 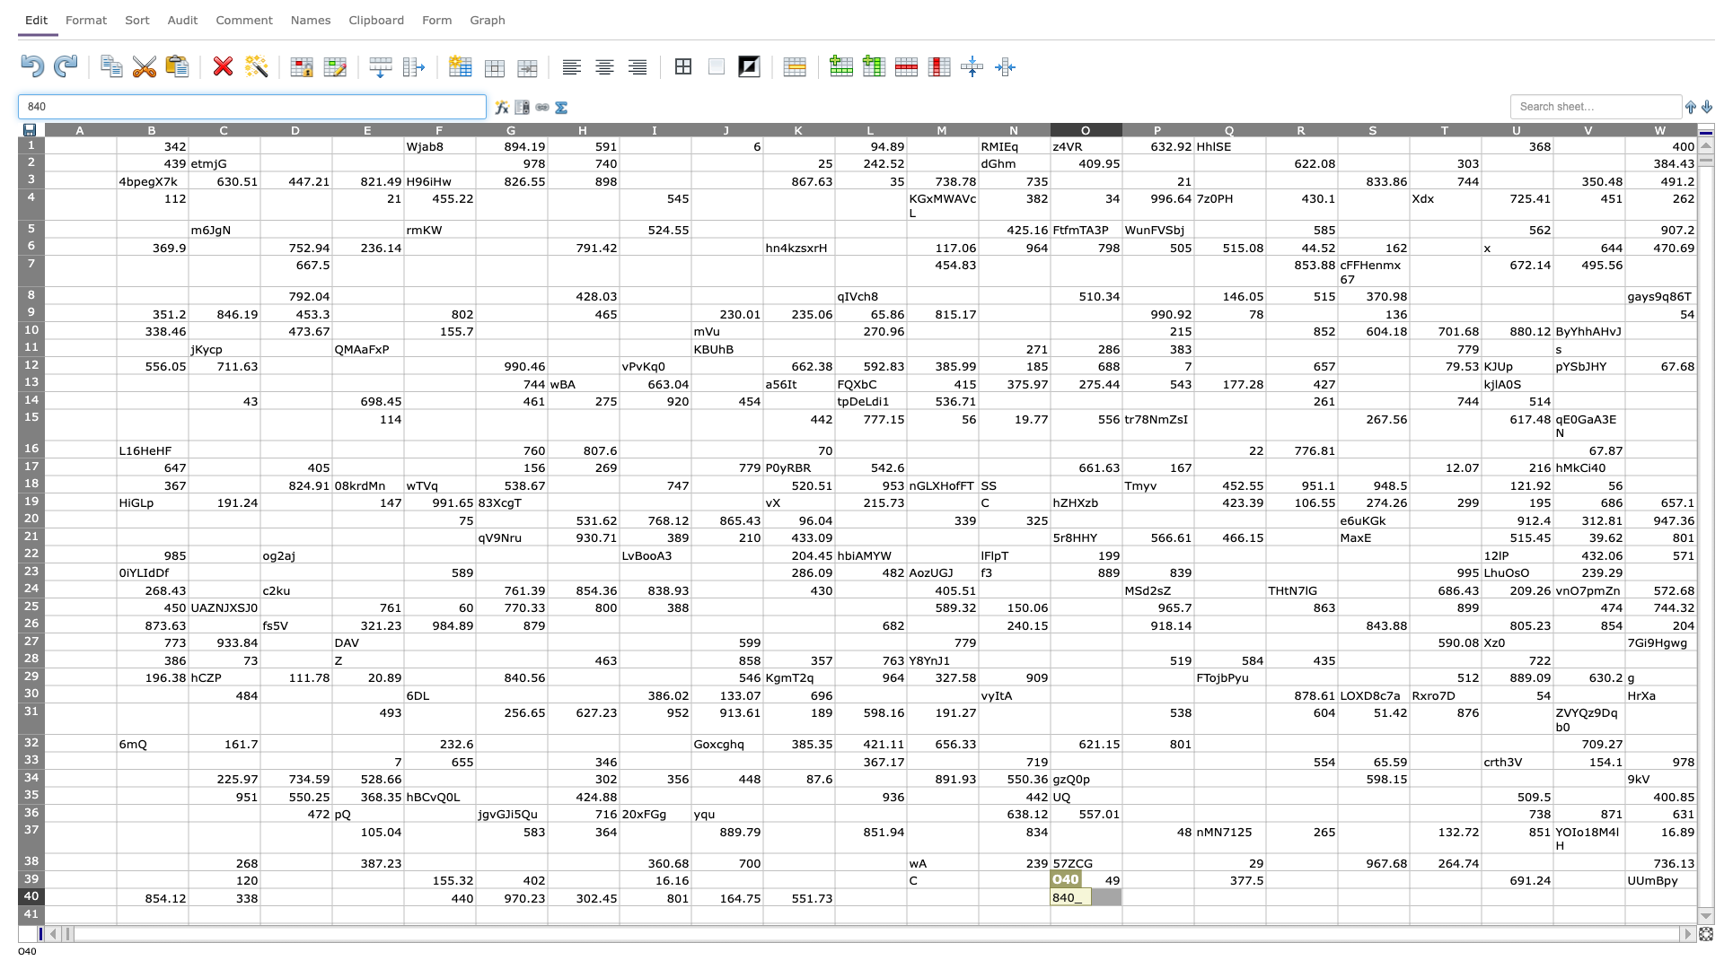 What do you see at coordinates (1193, 896) in the screenshot?
I see `Left edge at position Q40` at bounding box center [1193, 896].